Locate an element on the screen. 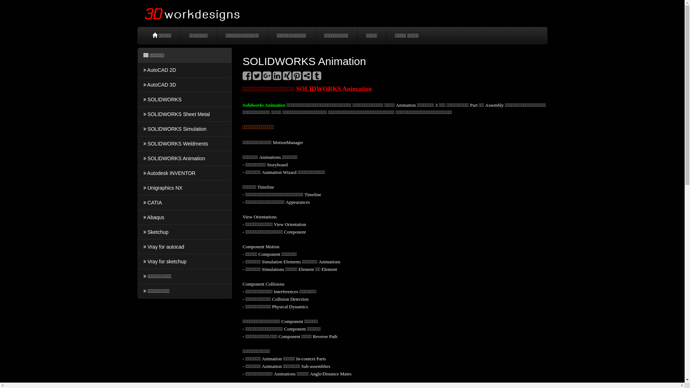  'SOLIDWORKS Simulation' is located at coordinates (184, 128).